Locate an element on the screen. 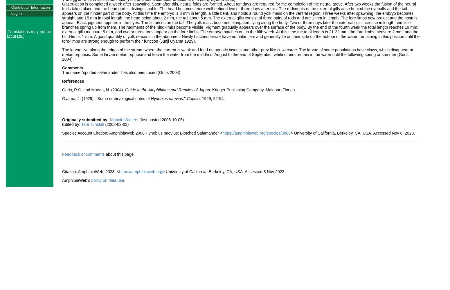  'Edited by:' is located at coordinates (71, 124).